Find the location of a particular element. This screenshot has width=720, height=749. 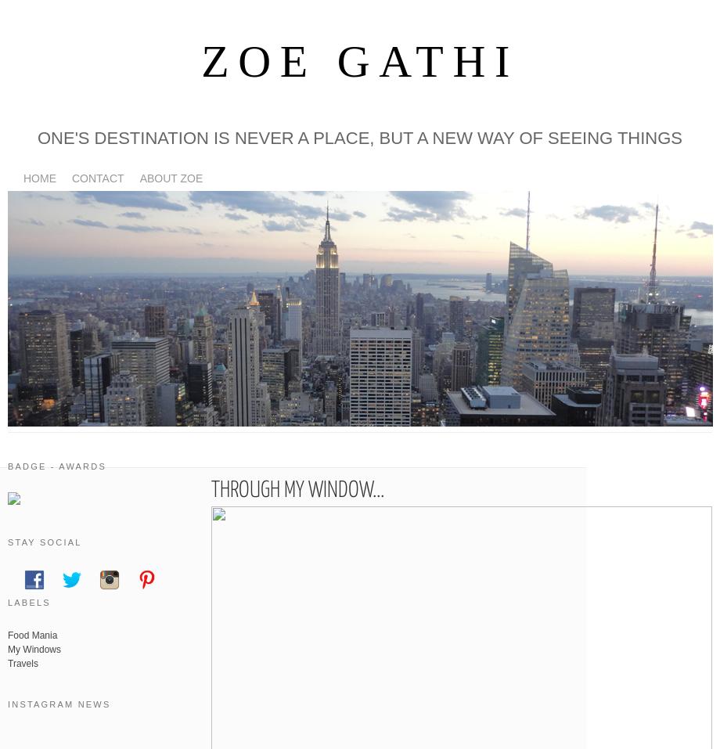

'Travels' is located at coordinates (8, 662).